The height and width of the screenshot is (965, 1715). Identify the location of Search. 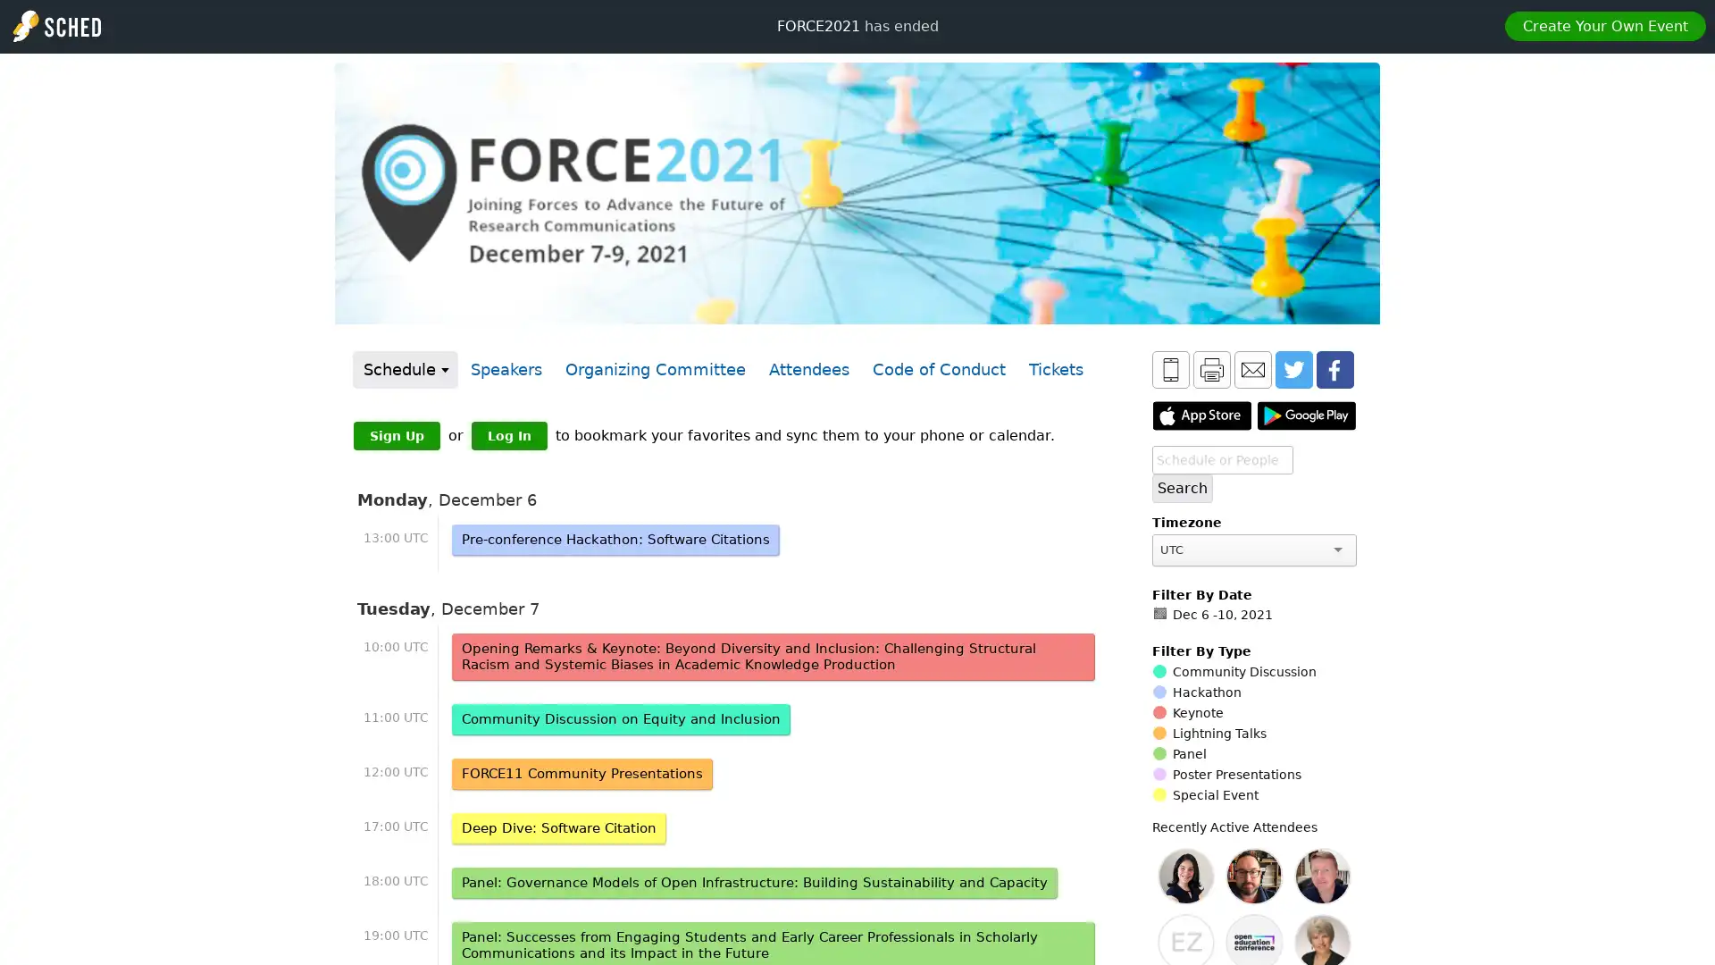
(1183, 489).